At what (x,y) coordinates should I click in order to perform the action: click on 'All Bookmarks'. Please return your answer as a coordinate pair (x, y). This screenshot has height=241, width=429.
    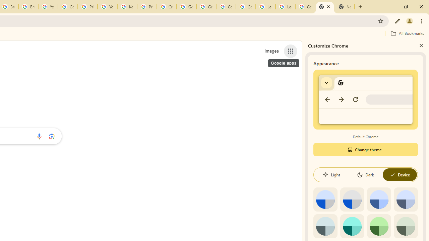
    Looking at the image, I should click on (407, 33).